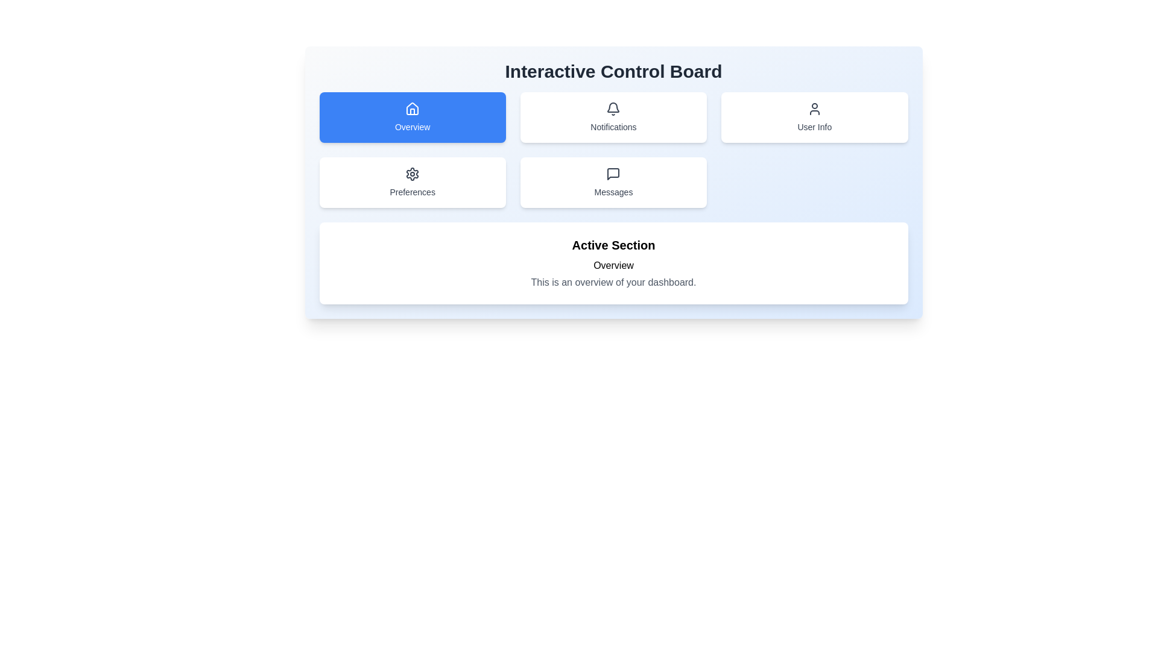 This screenshot has width=1158, height=651. Describe the element at coordinates (413, 127) in the screenshot. I see `the 'Overview' text label for text selection` at that location.